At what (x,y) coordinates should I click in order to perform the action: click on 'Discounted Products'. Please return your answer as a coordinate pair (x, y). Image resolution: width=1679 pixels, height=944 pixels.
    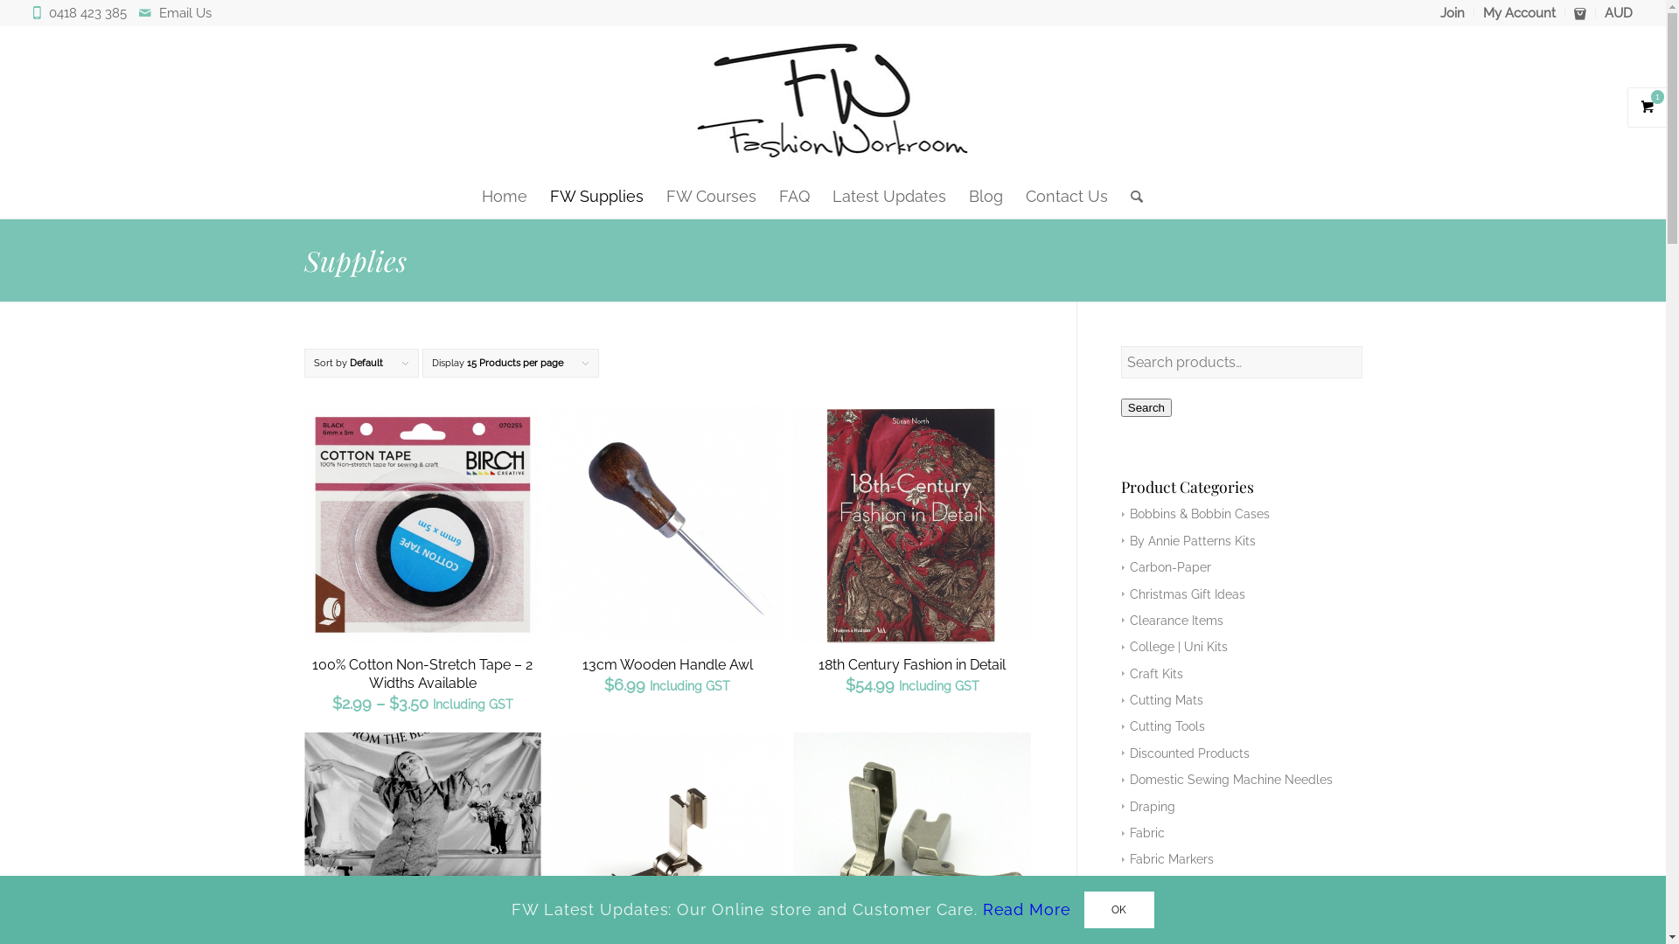
    Looking at the image, I should click on (1121, 752).